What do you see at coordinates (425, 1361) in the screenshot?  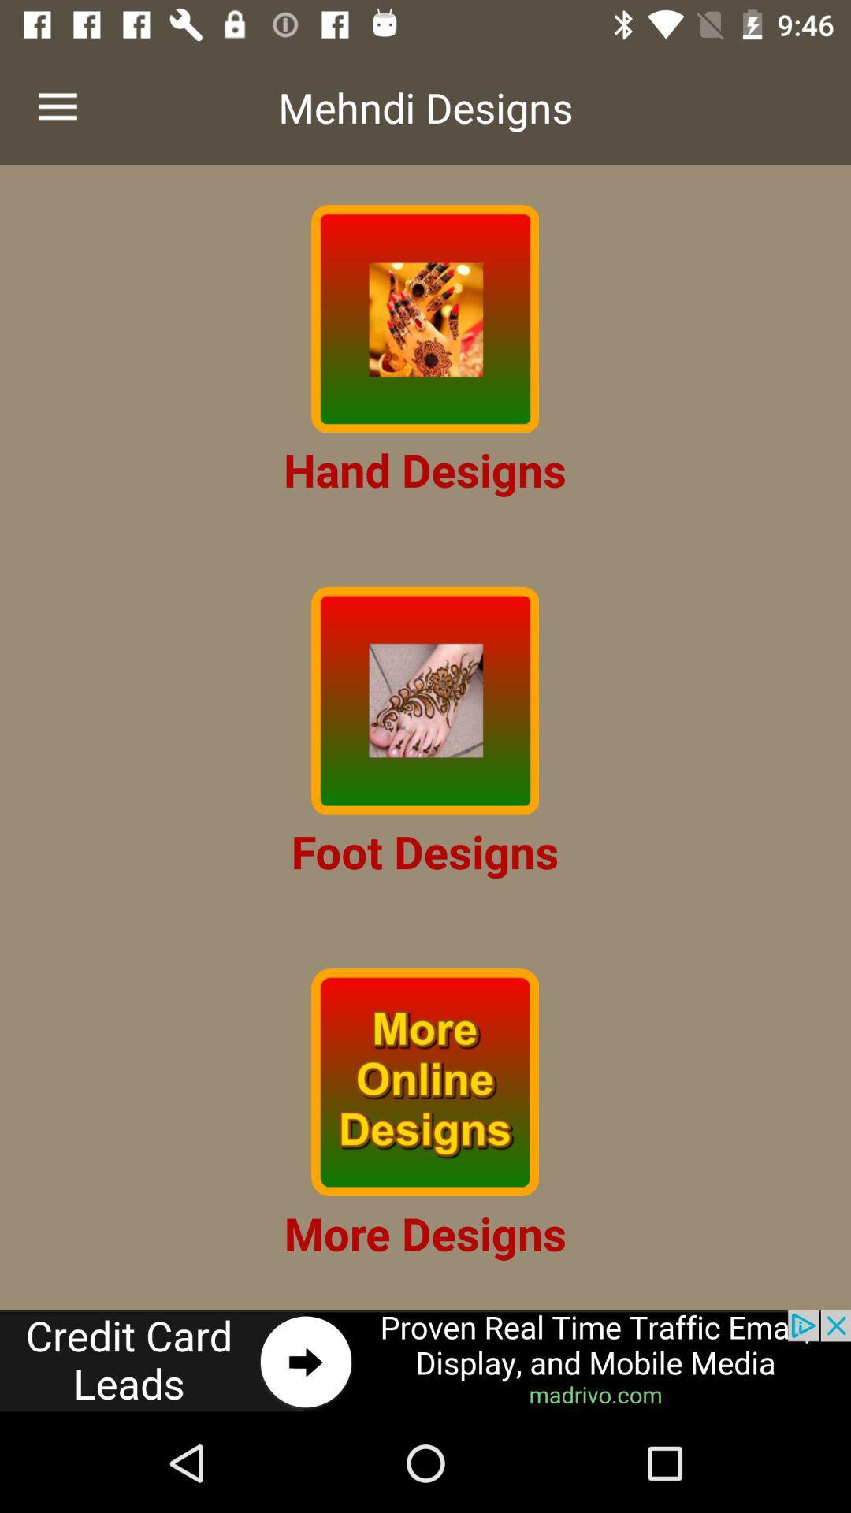 I see `open advertisement` at bounding box center [425, 1361].